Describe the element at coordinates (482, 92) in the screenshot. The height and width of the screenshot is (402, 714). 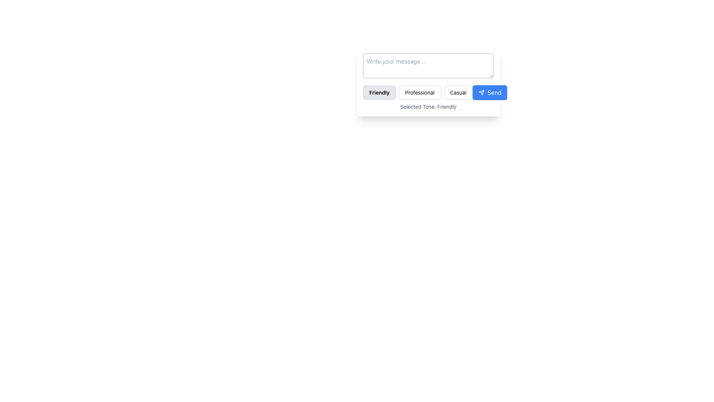
I see `the 'Send' button that contains the graphical representation of the send action icon, located at the far right of the button row below the text input field` at that location.